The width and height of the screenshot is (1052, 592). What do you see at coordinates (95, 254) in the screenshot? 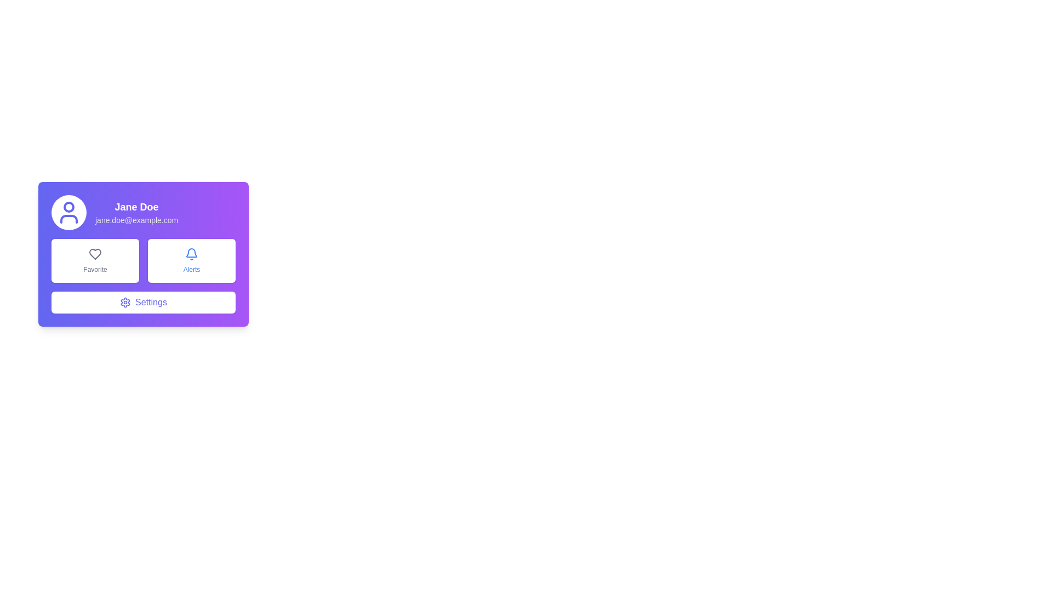
I see `the 'Favorite' icon located on the left side of the second row within the card layout, which indicates saved or preferred items` at bounding box center [95, 254].